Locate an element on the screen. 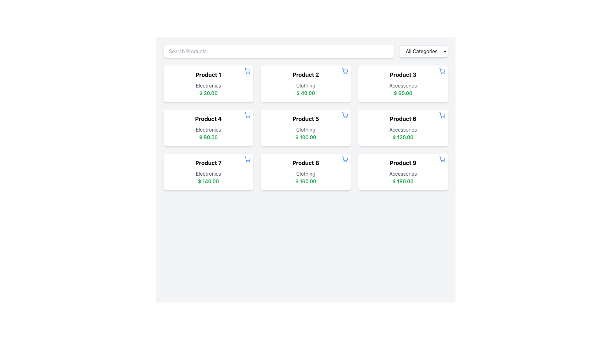 The image size is (604, 340). the blue shopping cart icon in the top right corner of the 'Product 5' card is located at coordinates (344, 115).